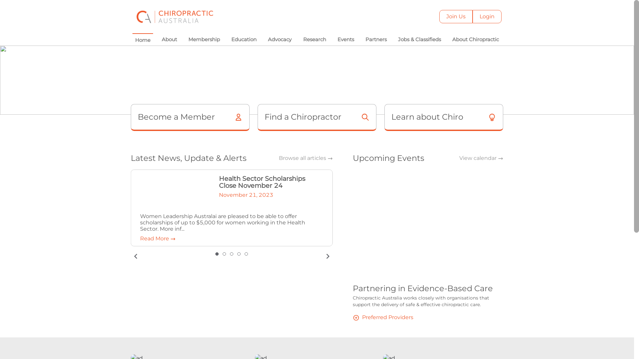  What do you see at coordinates (280, 40) in the screenshot?
I see `'Advocacy'` at bounding box center [280, 40].